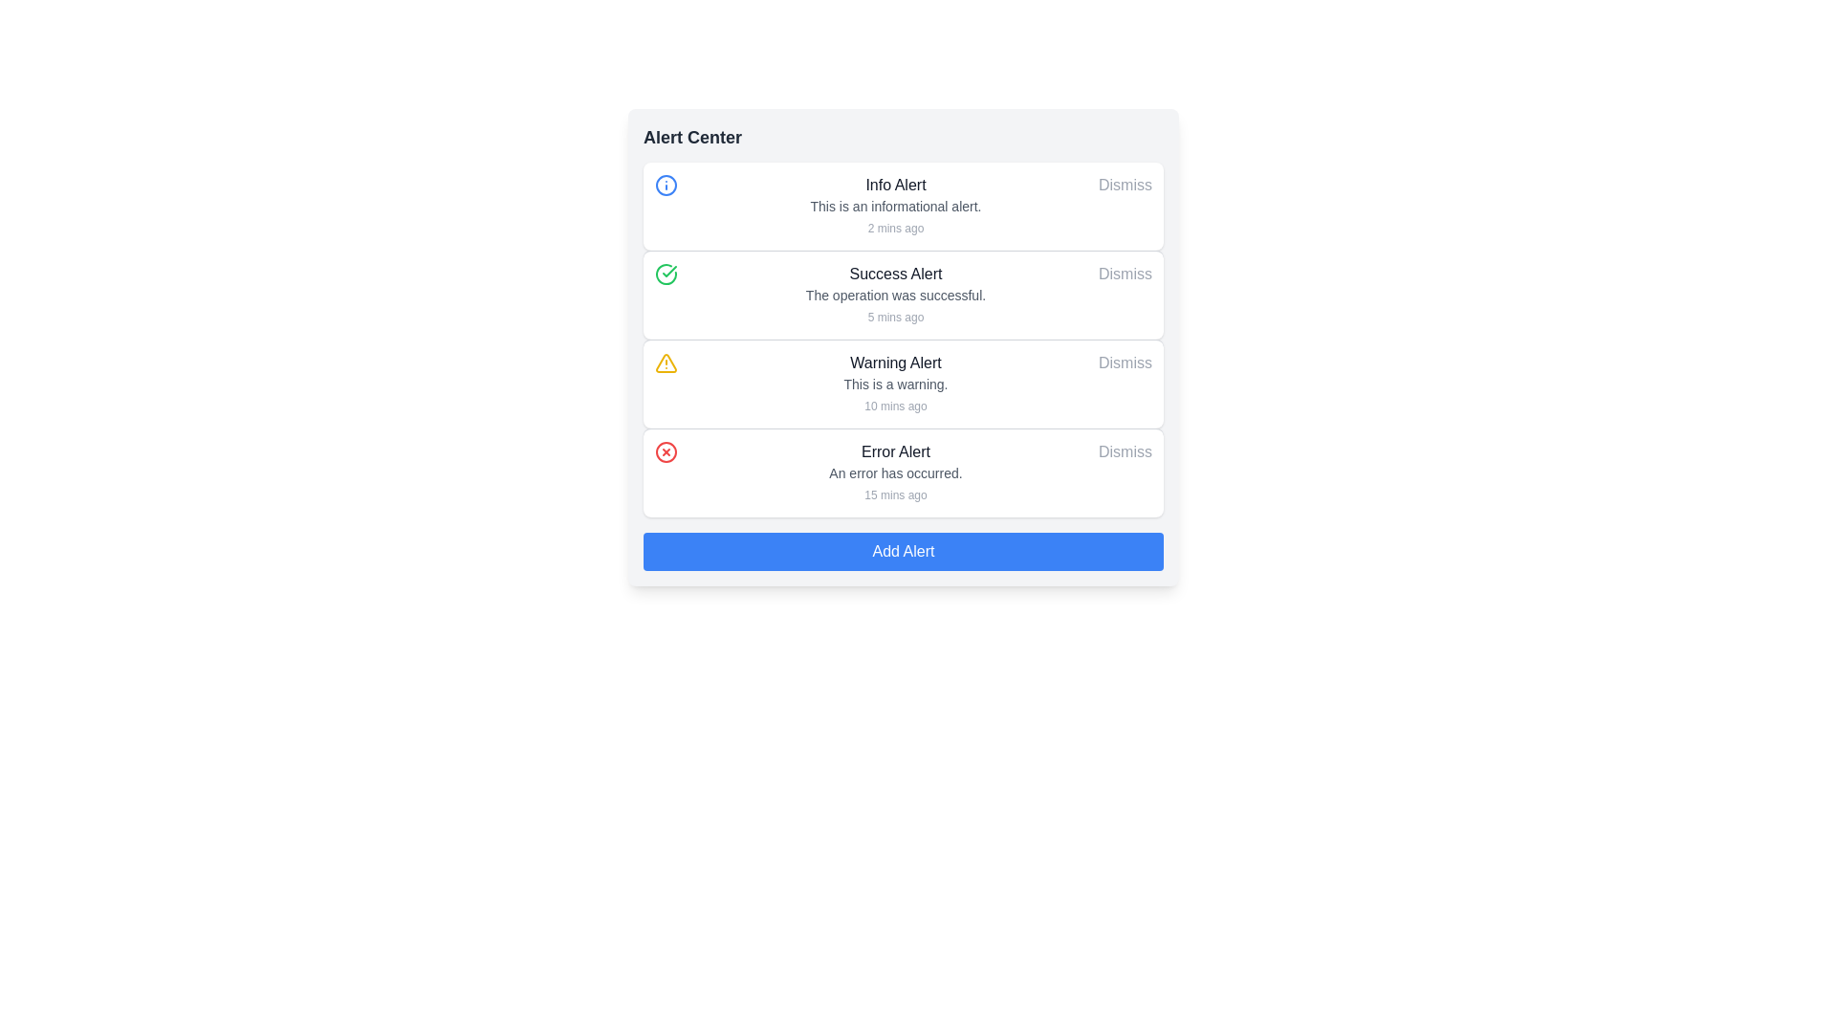  Describe the element at coordinates (1125, 363) in the screenshot. I see `the 'Dismiss' button in the 'Warning Alert' notification` at that location.